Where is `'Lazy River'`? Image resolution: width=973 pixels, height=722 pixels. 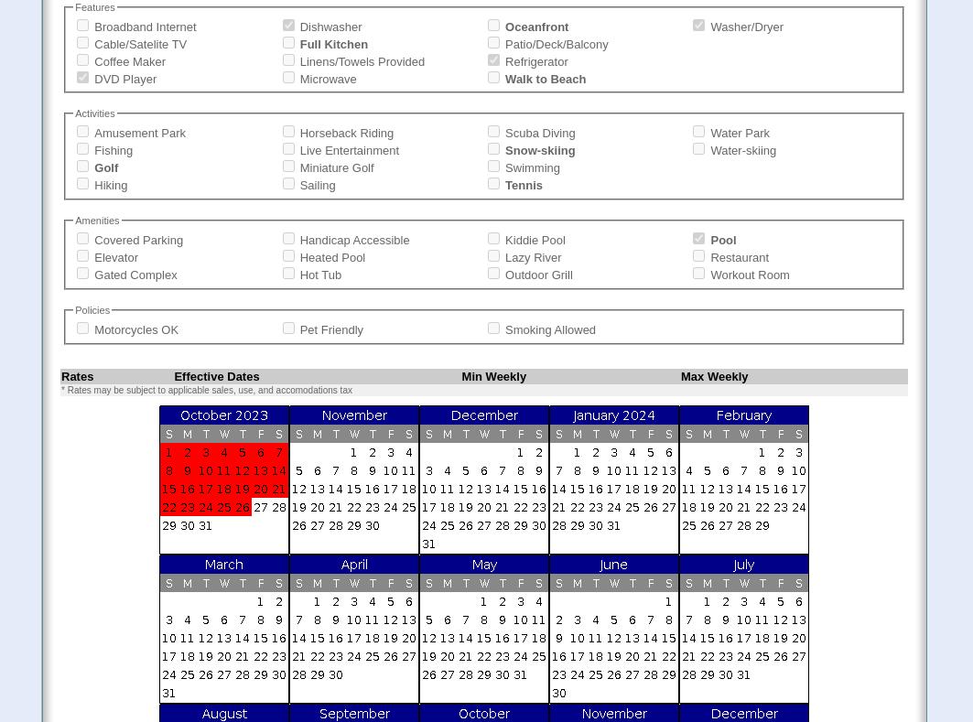 'Lazy River' is located at coordinates (532, 257).